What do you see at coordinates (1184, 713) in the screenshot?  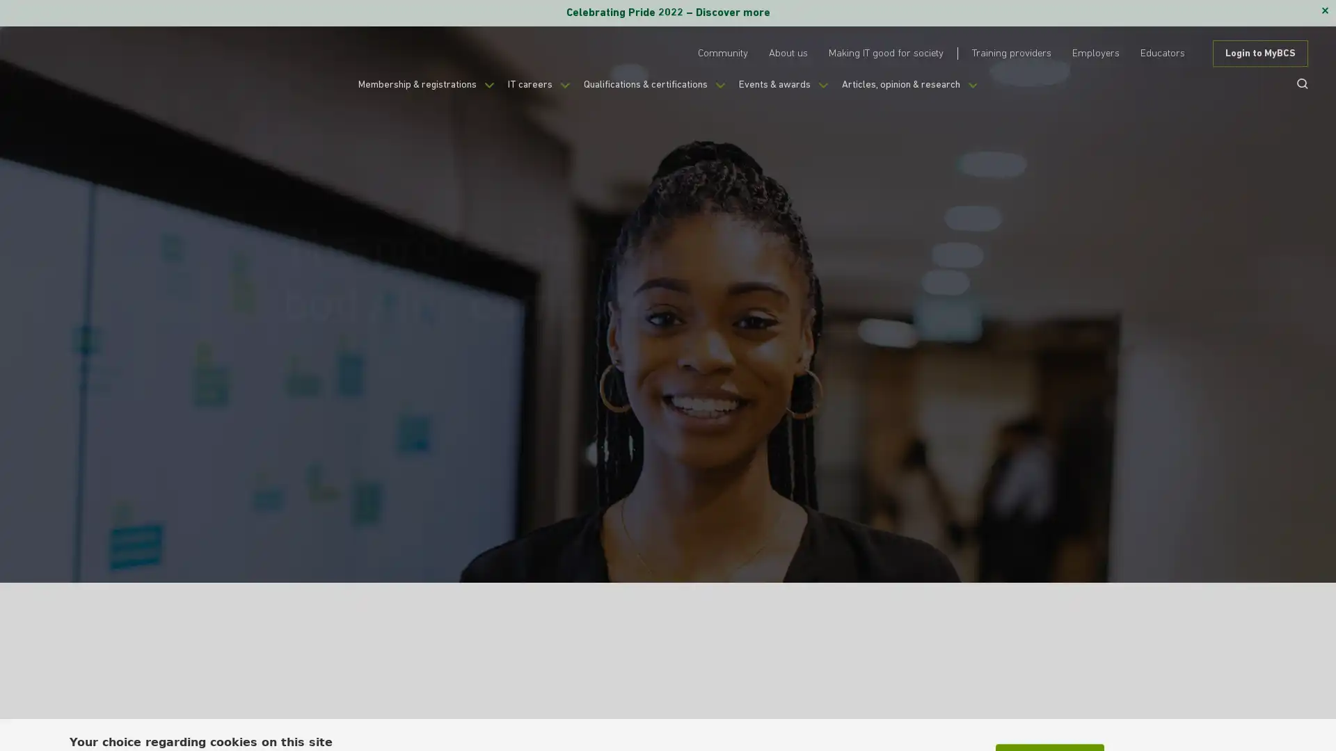 I see `My Cookie Preferences` at bounding box center [1184, 713].